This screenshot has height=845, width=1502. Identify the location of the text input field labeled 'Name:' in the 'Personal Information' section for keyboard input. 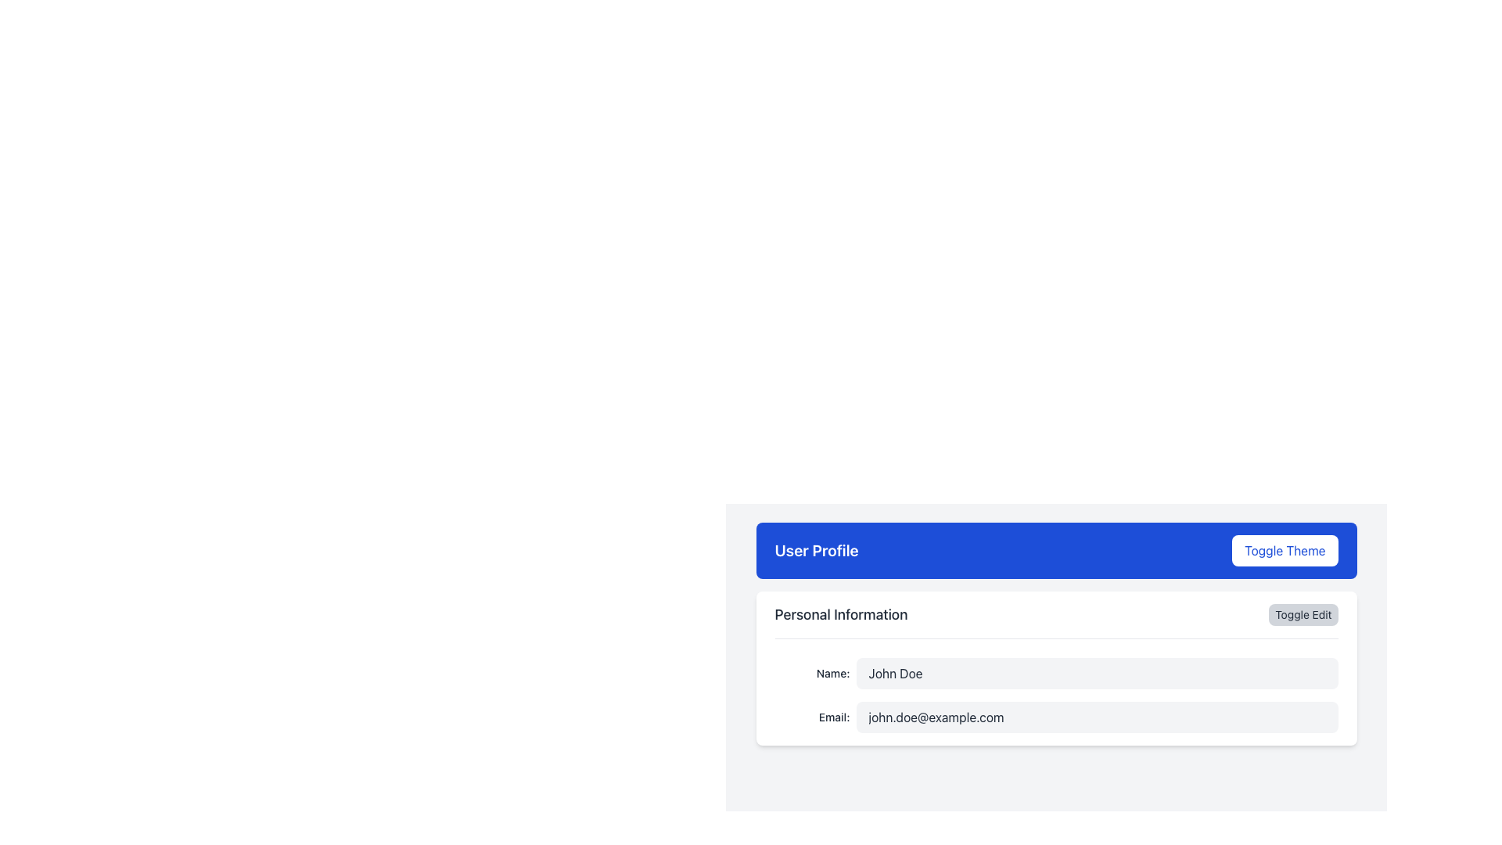
(1055, 672).